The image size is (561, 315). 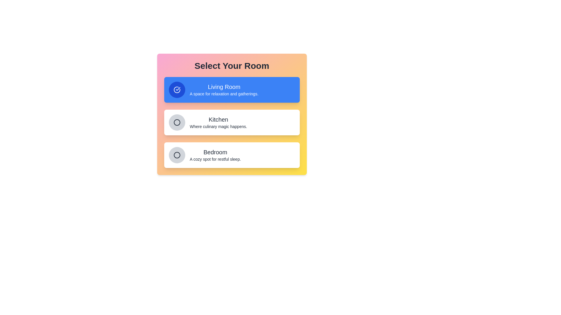 What do you see at coordinates (176, 90) in the screenshot?
I see `the blue circular icon indicating the selected state for the 'Living Room' option within the selection menu` at bounding box center [176, 90].